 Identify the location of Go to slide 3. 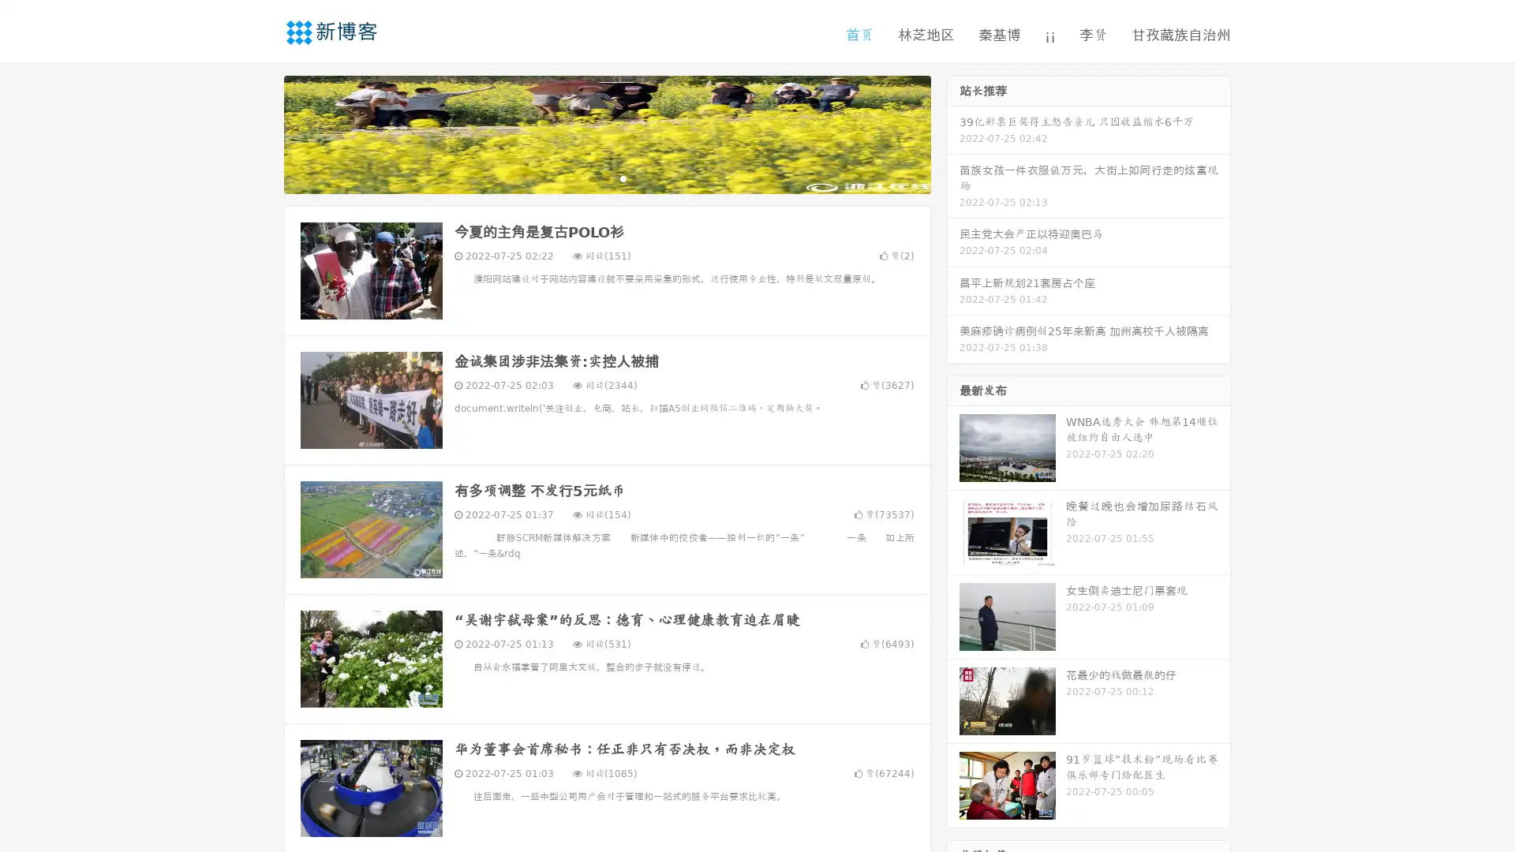
(623, 177).